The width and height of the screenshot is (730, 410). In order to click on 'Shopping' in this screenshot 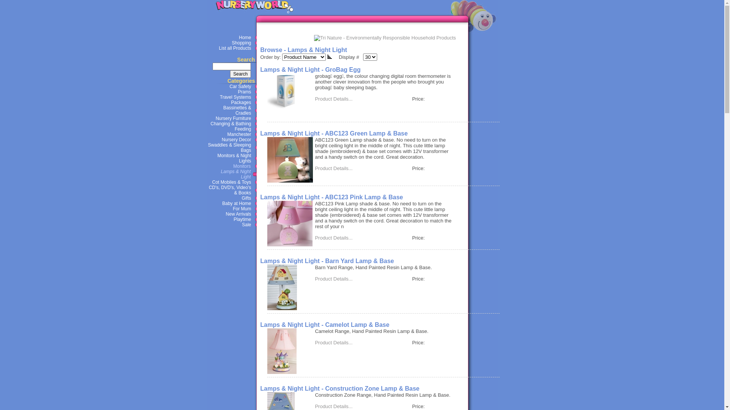, I will do `click(206, 43)`.